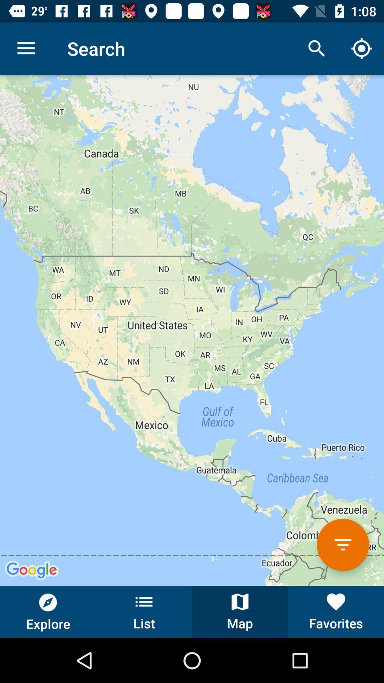  I want to click on the filter_list icon, so click(342, 544).